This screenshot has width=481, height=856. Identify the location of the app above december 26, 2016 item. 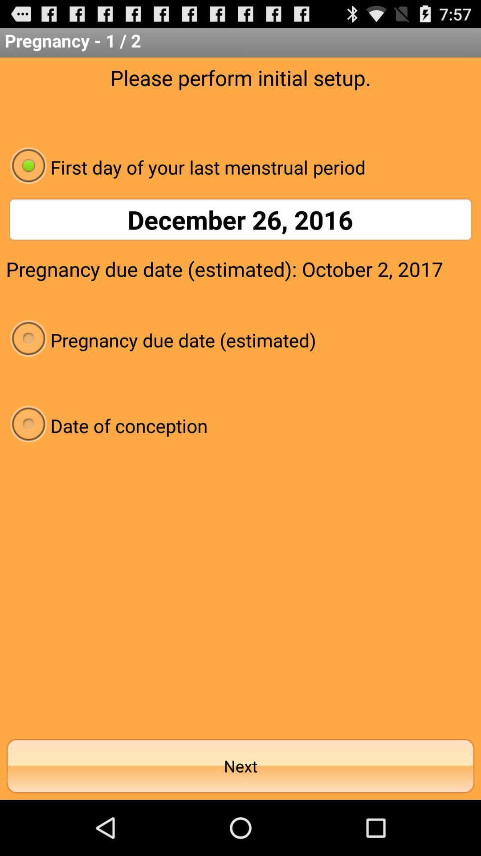
(240, 167).